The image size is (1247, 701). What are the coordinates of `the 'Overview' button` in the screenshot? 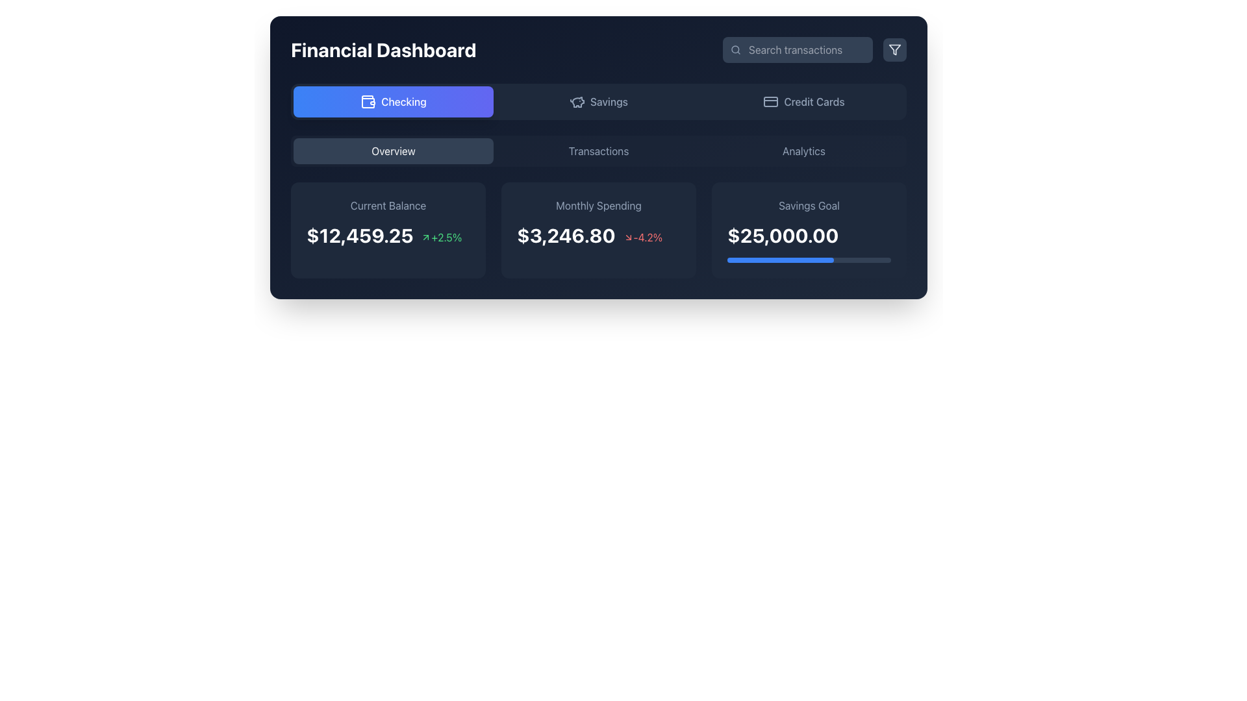 It's located at (392, 150).